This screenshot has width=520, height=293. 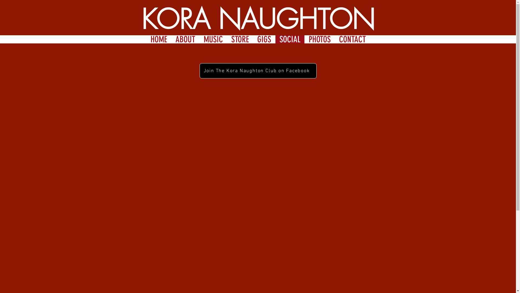 What do you see at coordinates (320, 39) in the screenshot?
I see `'PHOTOS'` at bounding box center [320, 39].